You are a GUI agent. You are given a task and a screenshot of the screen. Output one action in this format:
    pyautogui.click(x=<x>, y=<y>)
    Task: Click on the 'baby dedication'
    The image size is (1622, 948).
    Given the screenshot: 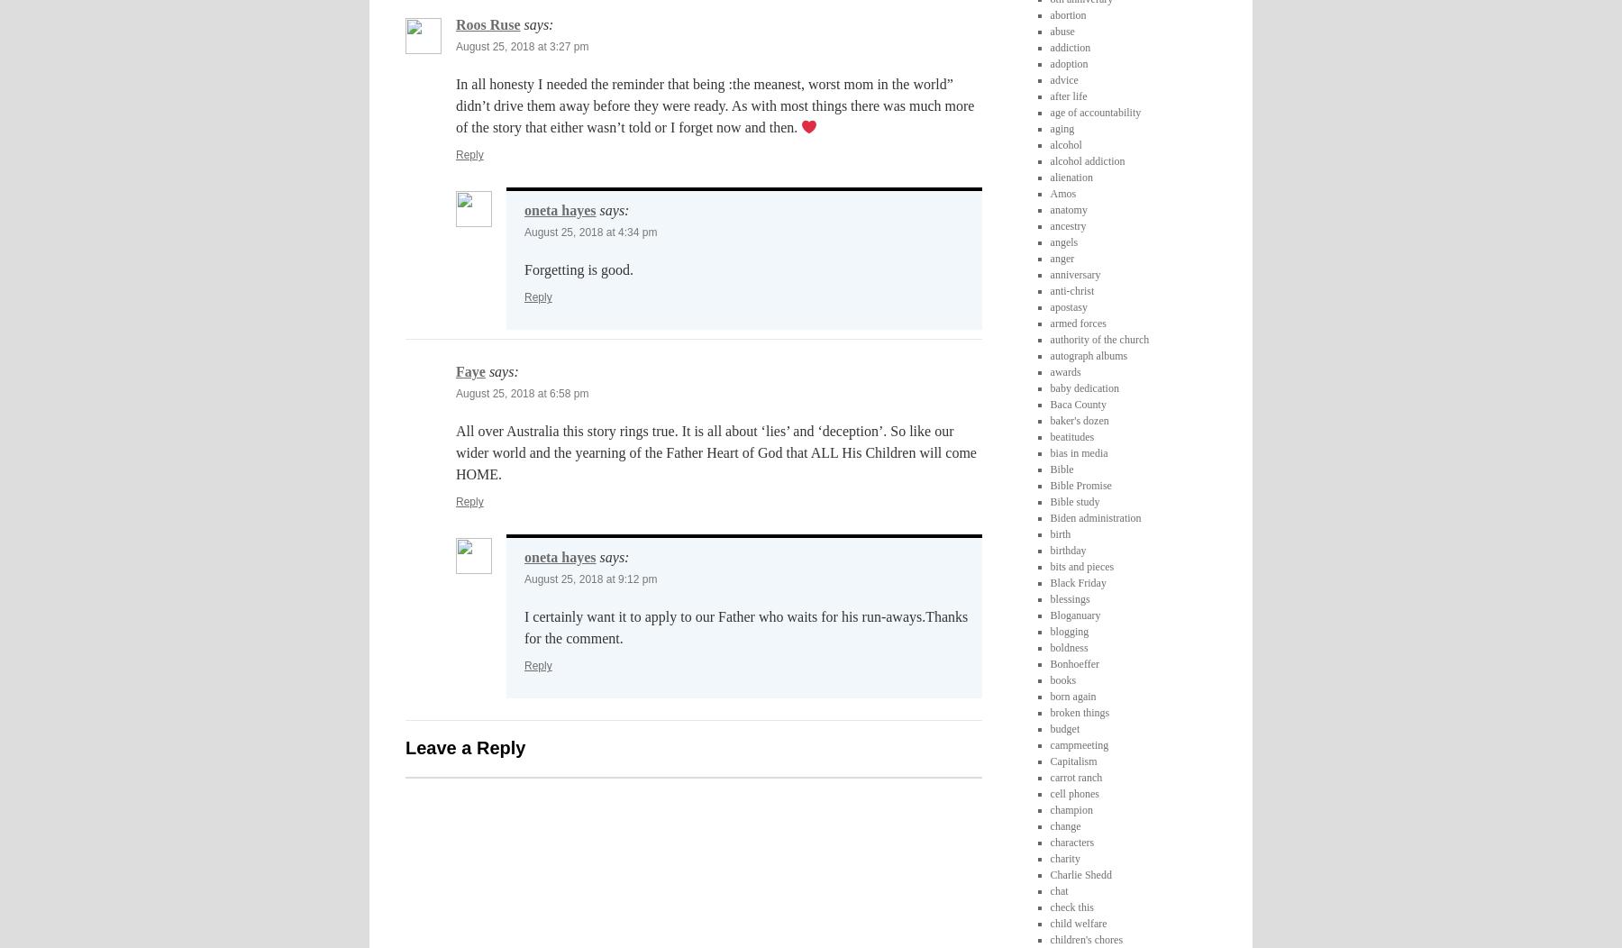 What is the action you would take?
    pyautogui.click(x=1082, y=386)
    